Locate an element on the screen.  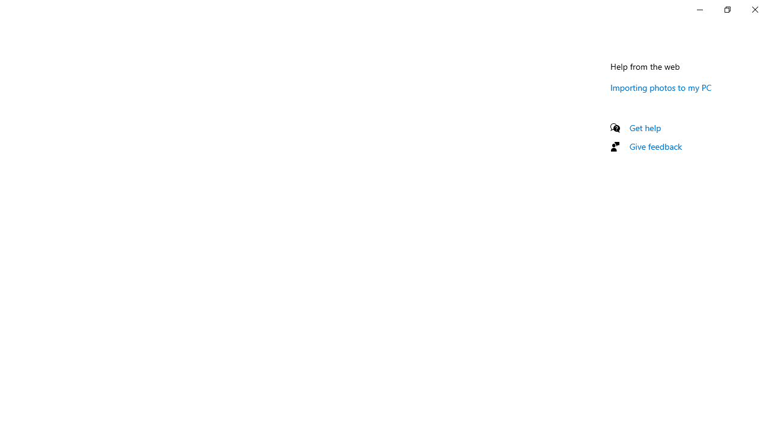
'Minimize Settings' is located at coordinates (699, 9).